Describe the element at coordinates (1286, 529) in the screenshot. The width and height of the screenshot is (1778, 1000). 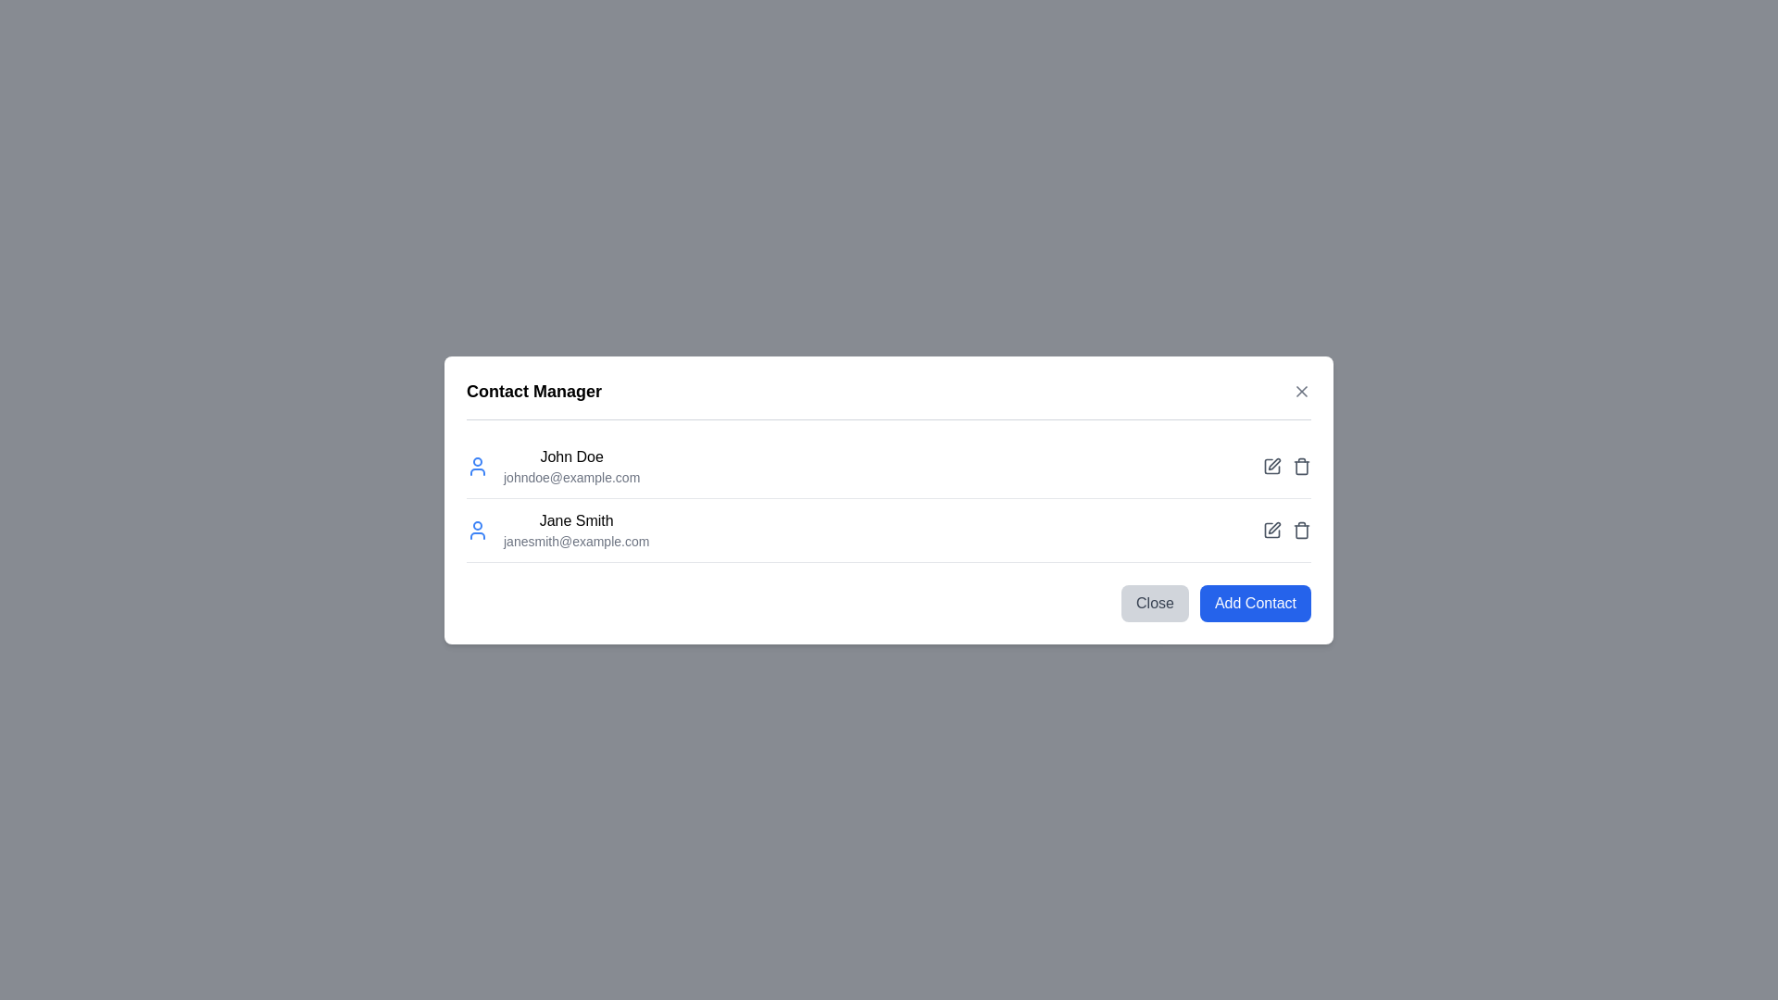
I see `the delete icon in the grouped interactive icons located at the right end of the dialog box aligned with the 'Jane Smith' contact entry` at that location.